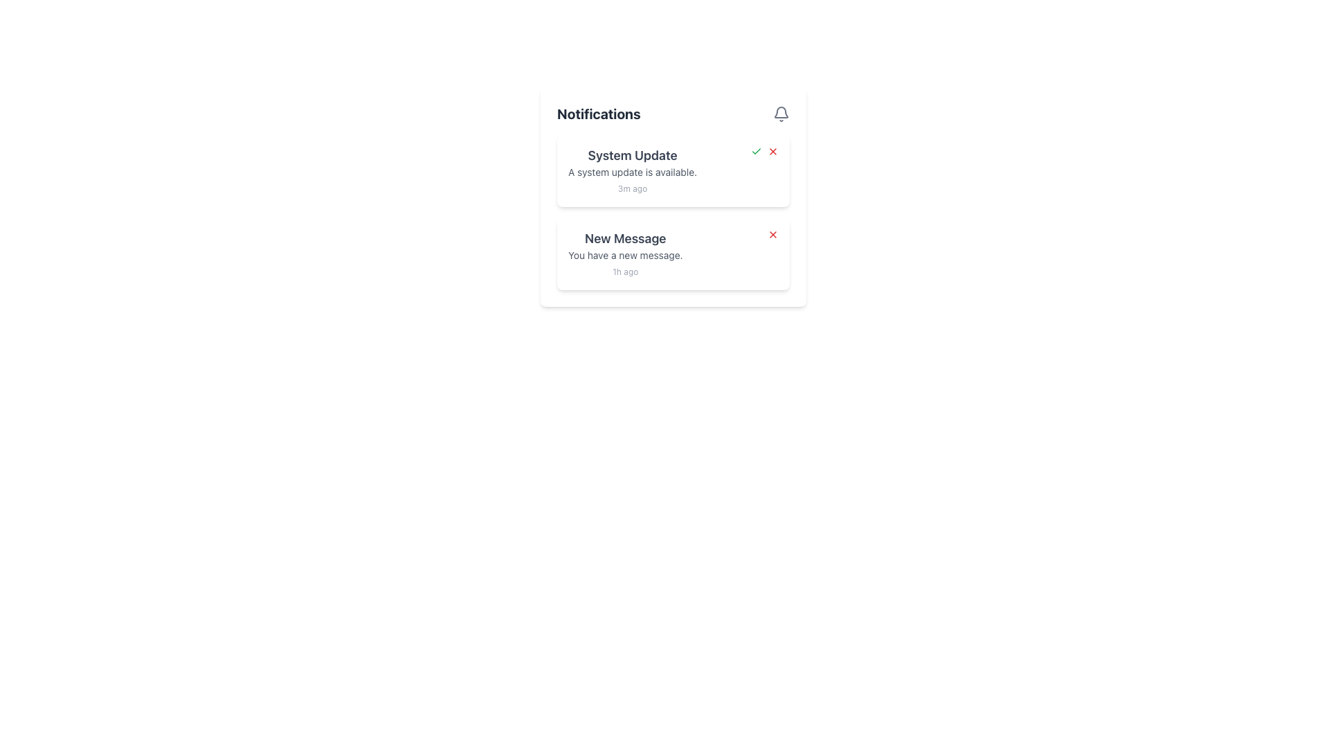  What do you see at coordinates (632, 188) in the screenshot?
I see `timestamp text label displaying '3m ago', which is styled subtly in light gray and located below the notification's title and message` at bounding box center [632, 188].